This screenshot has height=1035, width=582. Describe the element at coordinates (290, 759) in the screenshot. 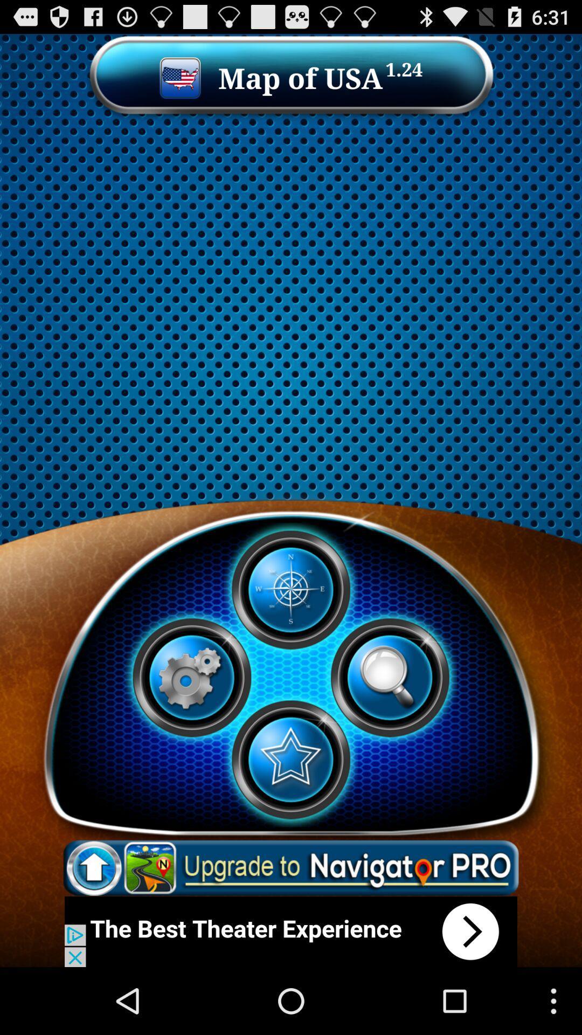

I see `display the rate screen` at that location.